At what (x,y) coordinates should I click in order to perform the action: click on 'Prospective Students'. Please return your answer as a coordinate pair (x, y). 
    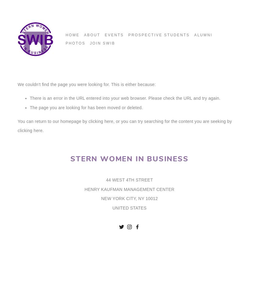
    Looking at the image, I should click on (158, 35).